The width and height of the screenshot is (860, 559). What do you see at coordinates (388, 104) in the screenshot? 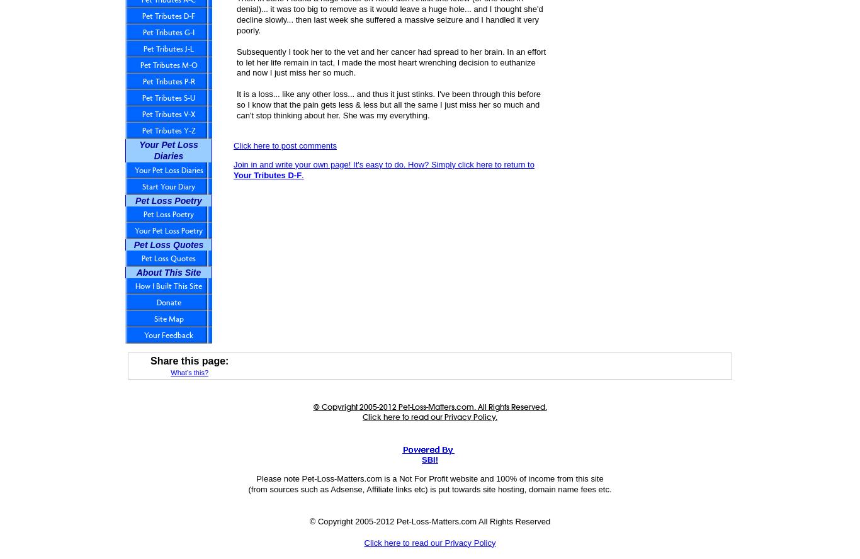
I see `'It is a loss... like any other loss... and thus it just stinks. I've been through this before so I know that the pain gets less & less but all the same I just miss her so much and can't stop thinking about her. She was my everything.'` at bounding box center [388, 104].